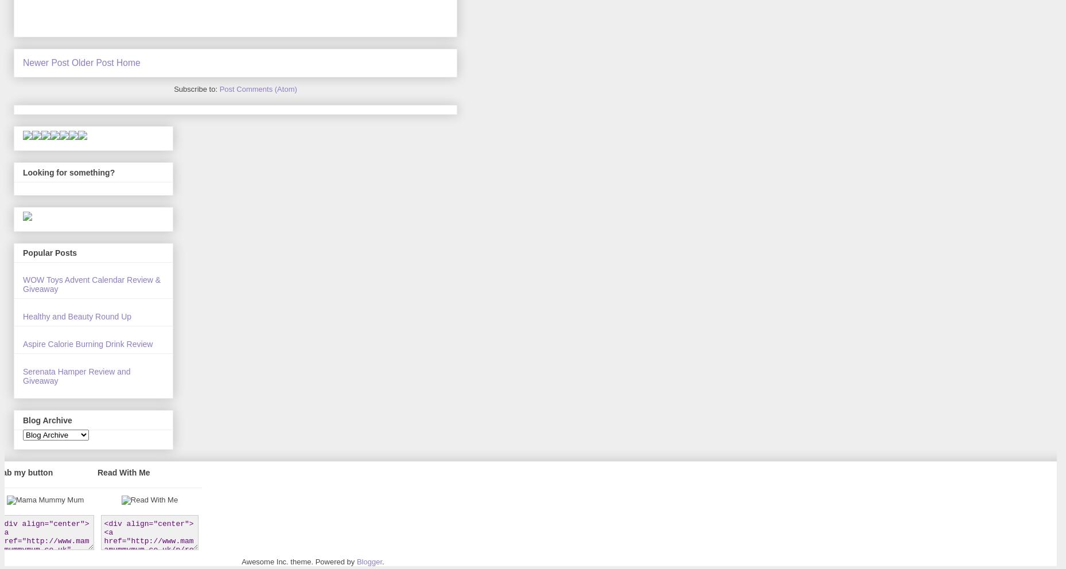 The image size is (1066, 569). I want to click on 'WOW Toys Advent Calendar Review & Giveaway', so click(91, 284).